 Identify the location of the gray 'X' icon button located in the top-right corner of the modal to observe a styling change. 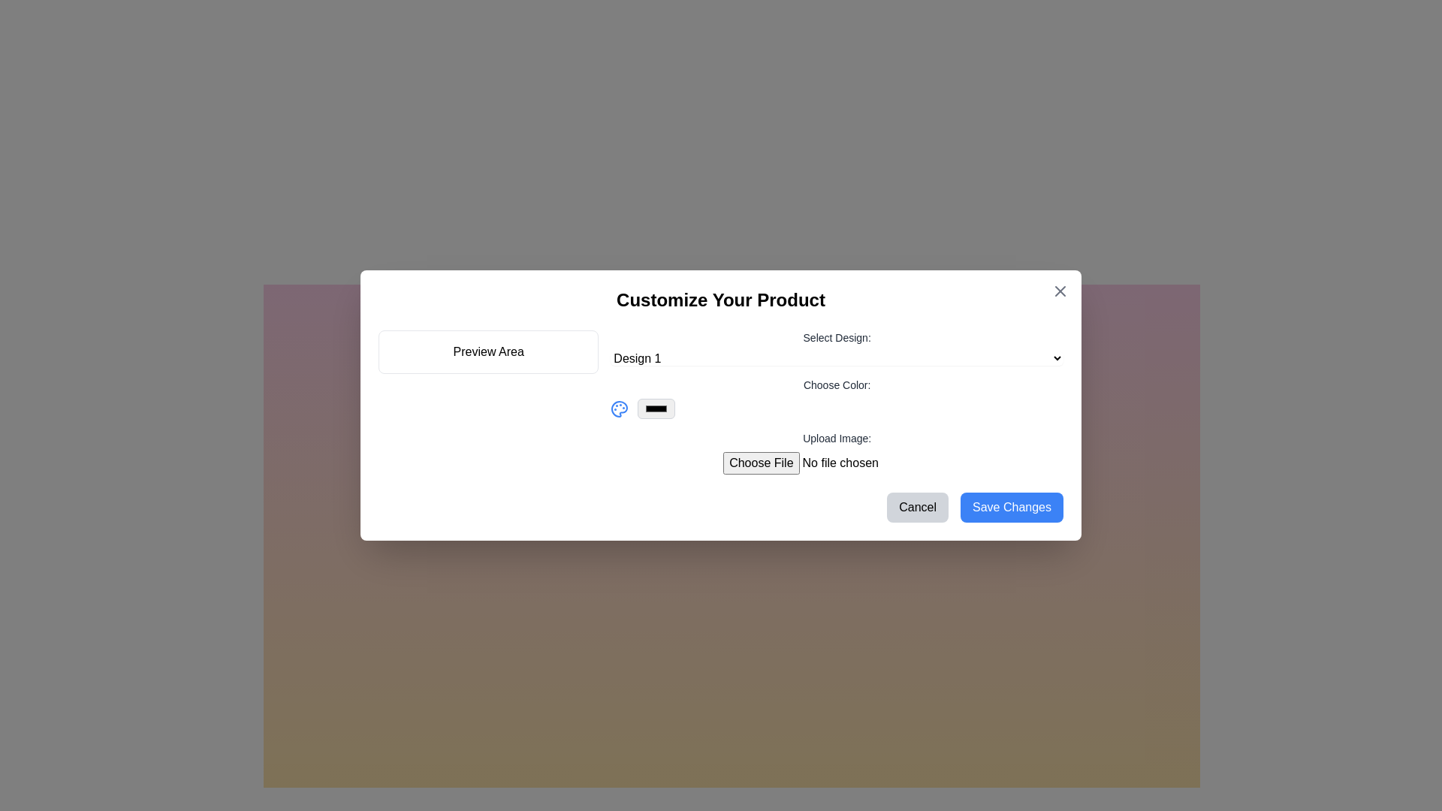
(1059, 291).